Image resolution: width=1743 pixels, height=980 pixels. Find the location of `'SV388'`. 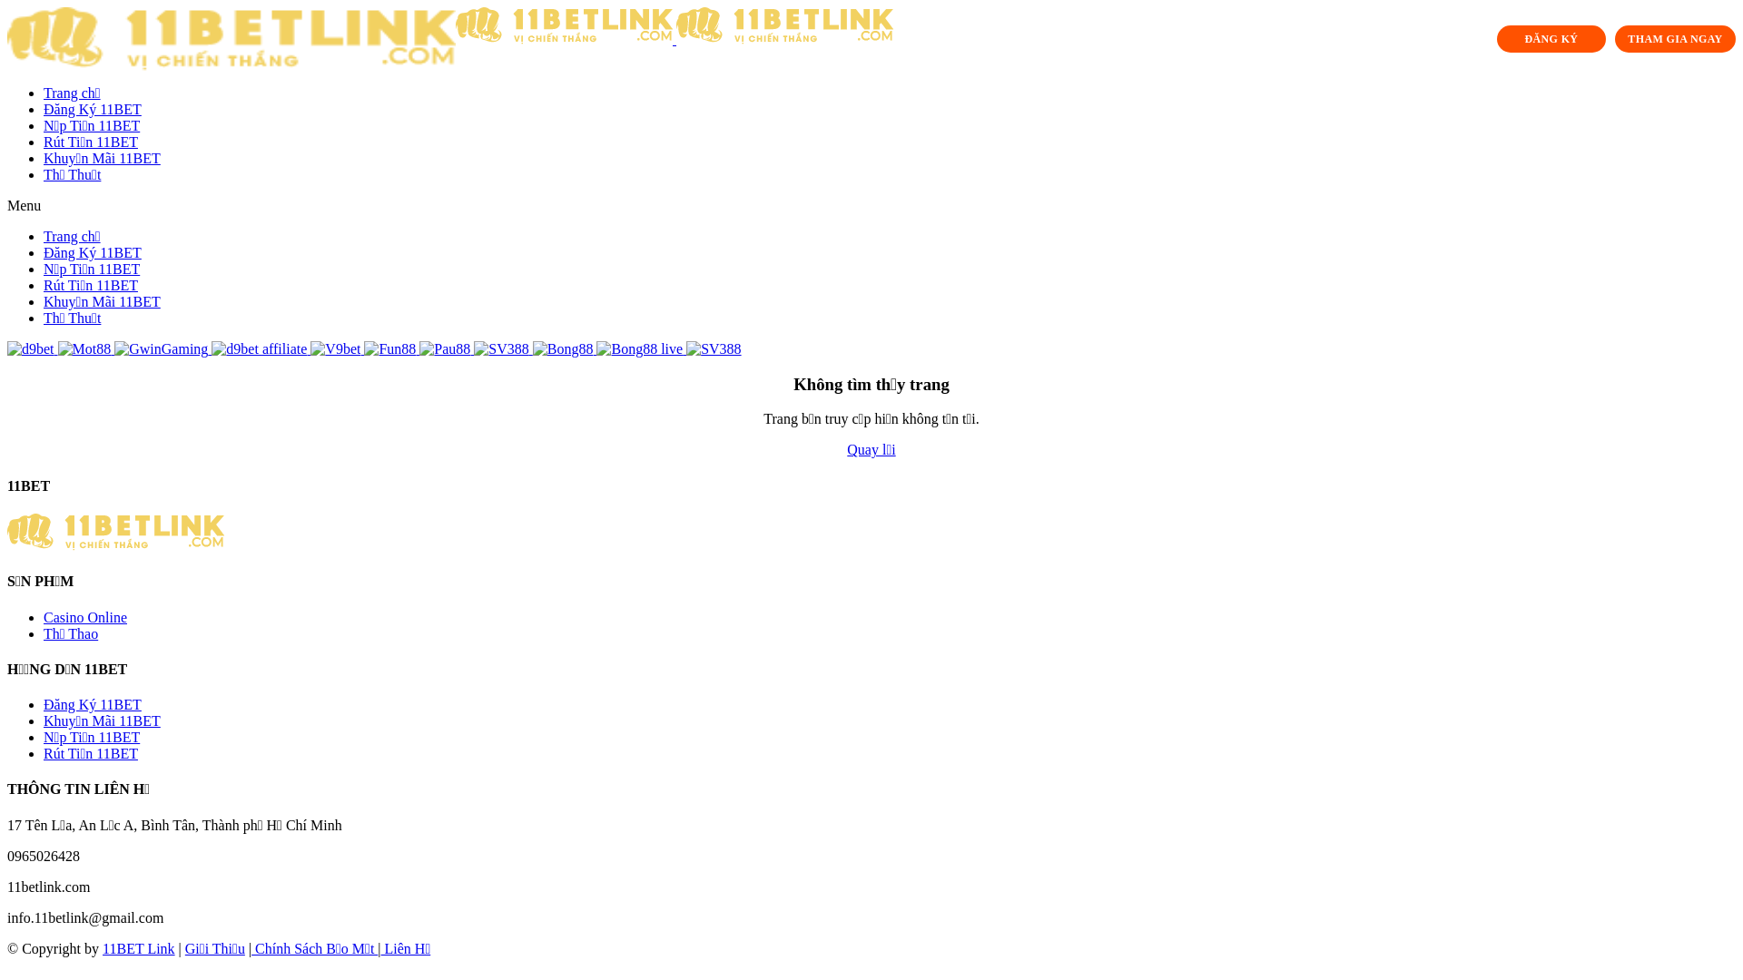

'SV388' is located at coordinates (713, 348).